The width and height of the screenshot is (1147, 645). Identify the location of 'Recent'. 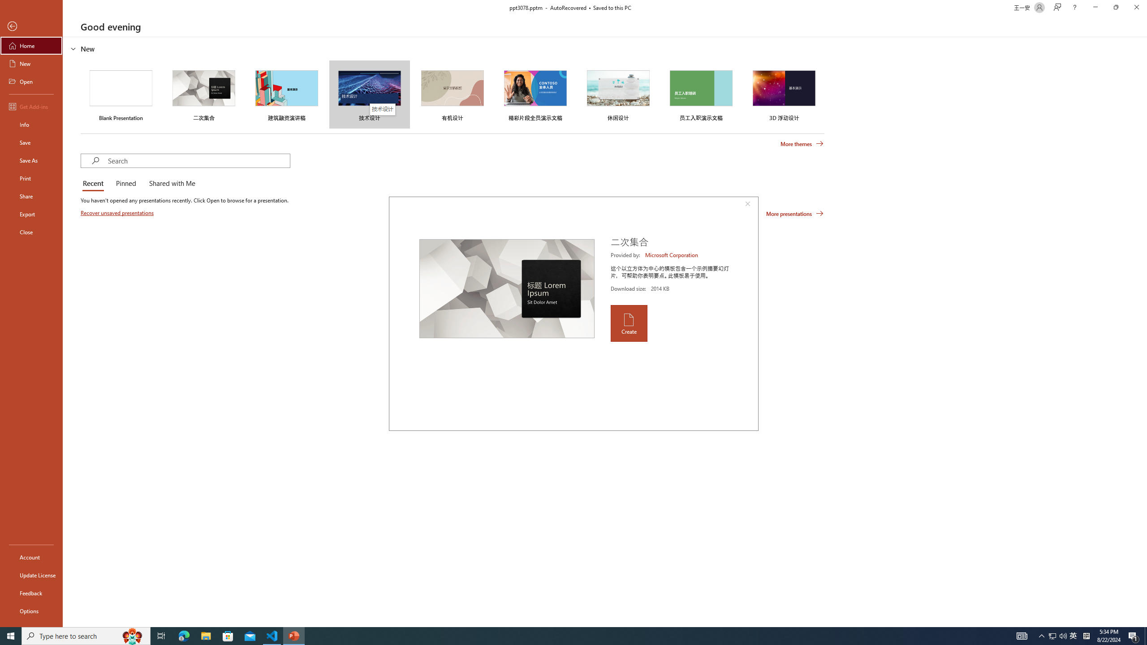
(95, 184).